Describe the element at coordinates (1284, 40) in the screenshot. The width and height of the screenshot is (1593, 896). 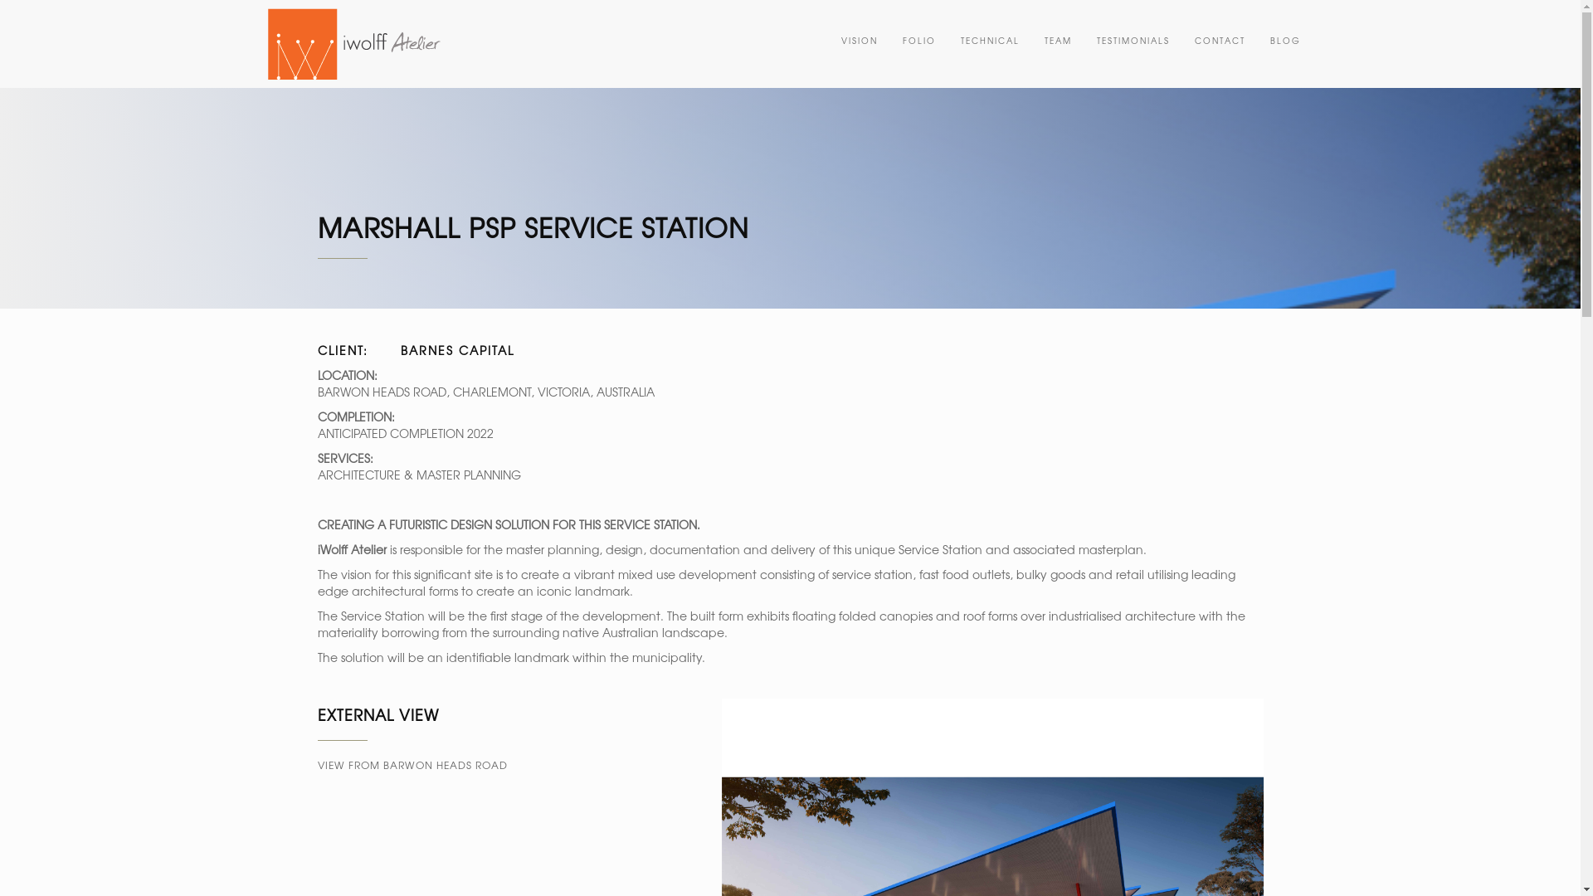
I see `'BLOG'` at that location.